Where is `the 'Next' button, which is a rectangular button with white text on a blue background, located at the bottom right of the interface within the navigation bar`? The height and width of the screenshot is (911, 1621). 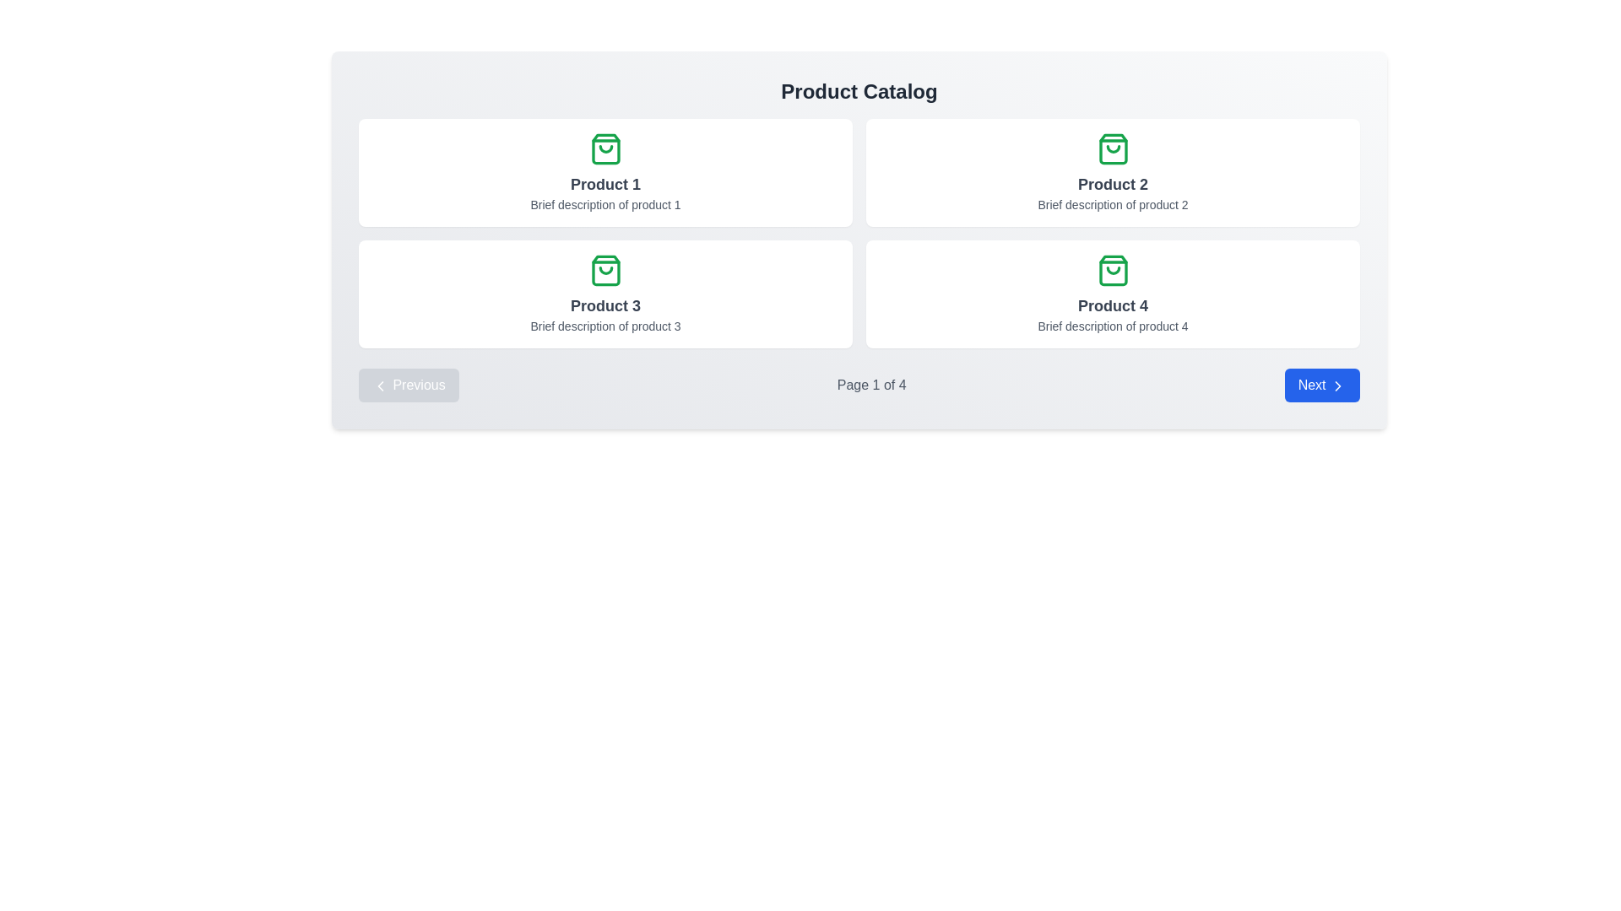
the 'Next' button, which is a rectangular button with white text on a blue background, located at the bottom right of the interface within the navigation bar is located at coordinates (1321, 385).